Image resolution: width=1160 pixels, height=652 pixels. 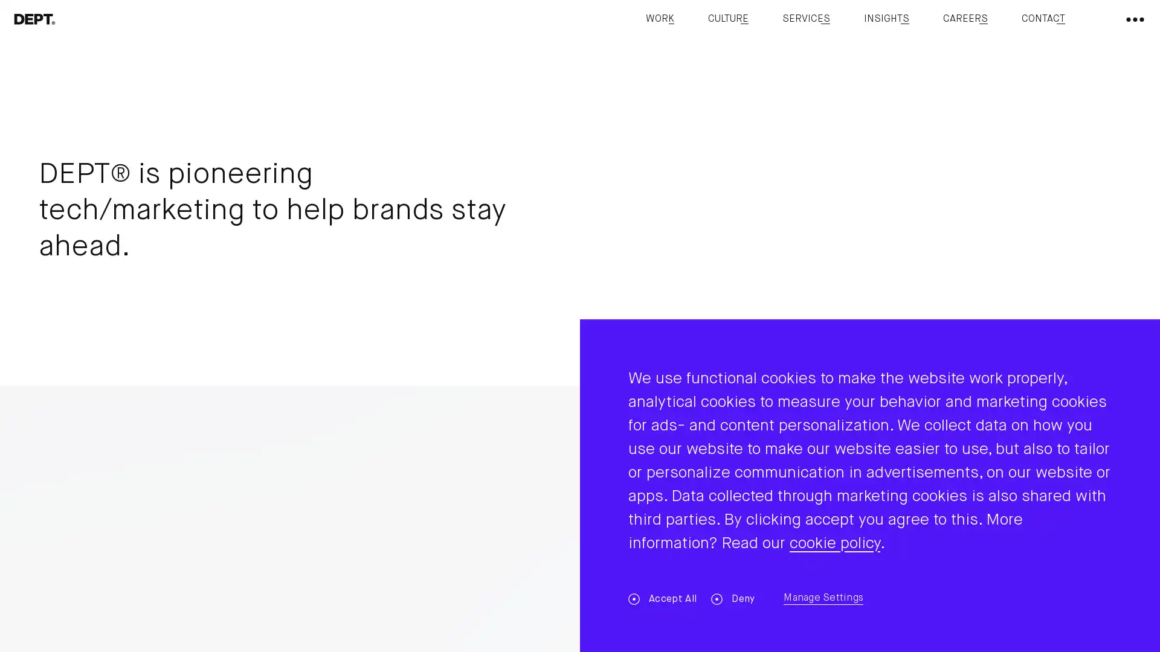 What do you see at coordinates (662, 599) in the screenshot?
I see `Accept All` at bounding box center [662, 599].